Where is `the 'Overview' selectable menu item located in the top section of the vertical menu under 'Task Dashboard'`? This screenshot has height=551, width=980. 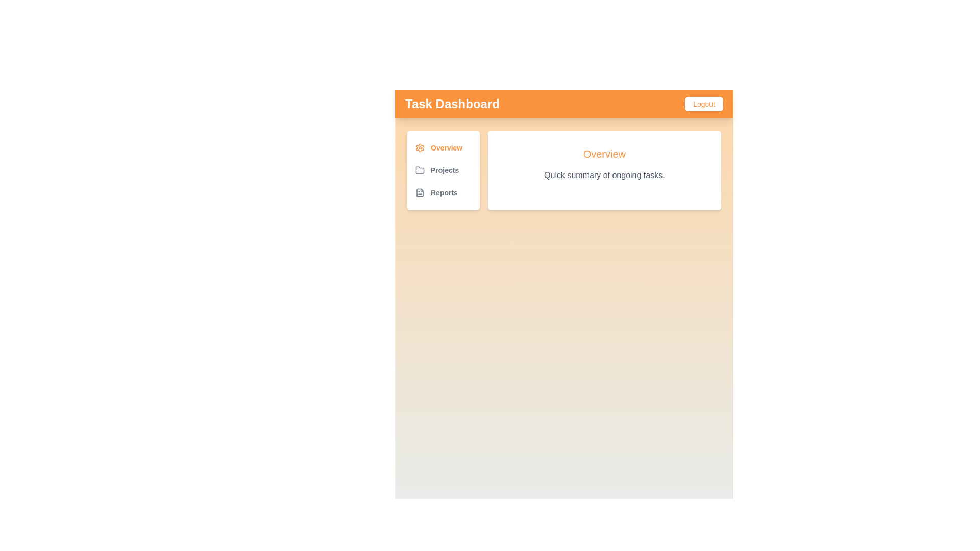
the 'Overview' selectable menu item located in the top section of the vertical menu under 'Task Dashboard' is located at coordinates (443, 147).